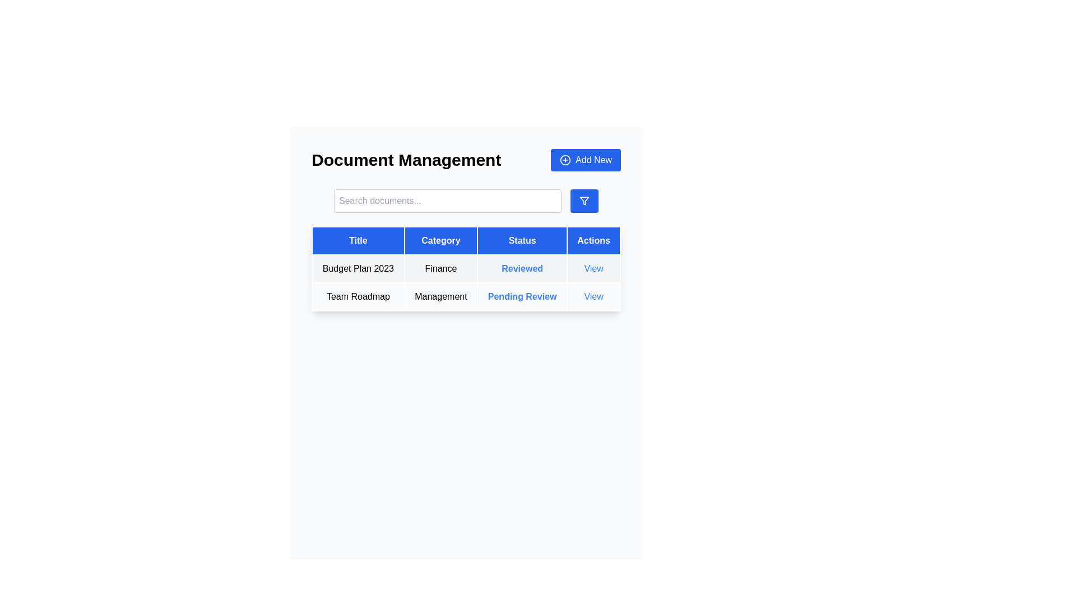 Image resolution: width=1076 pixels, height=605 pixels. I want to click on the 'Actions' column header in the table, which is the rightmost column header indicating actionable items, so click(593, 240).